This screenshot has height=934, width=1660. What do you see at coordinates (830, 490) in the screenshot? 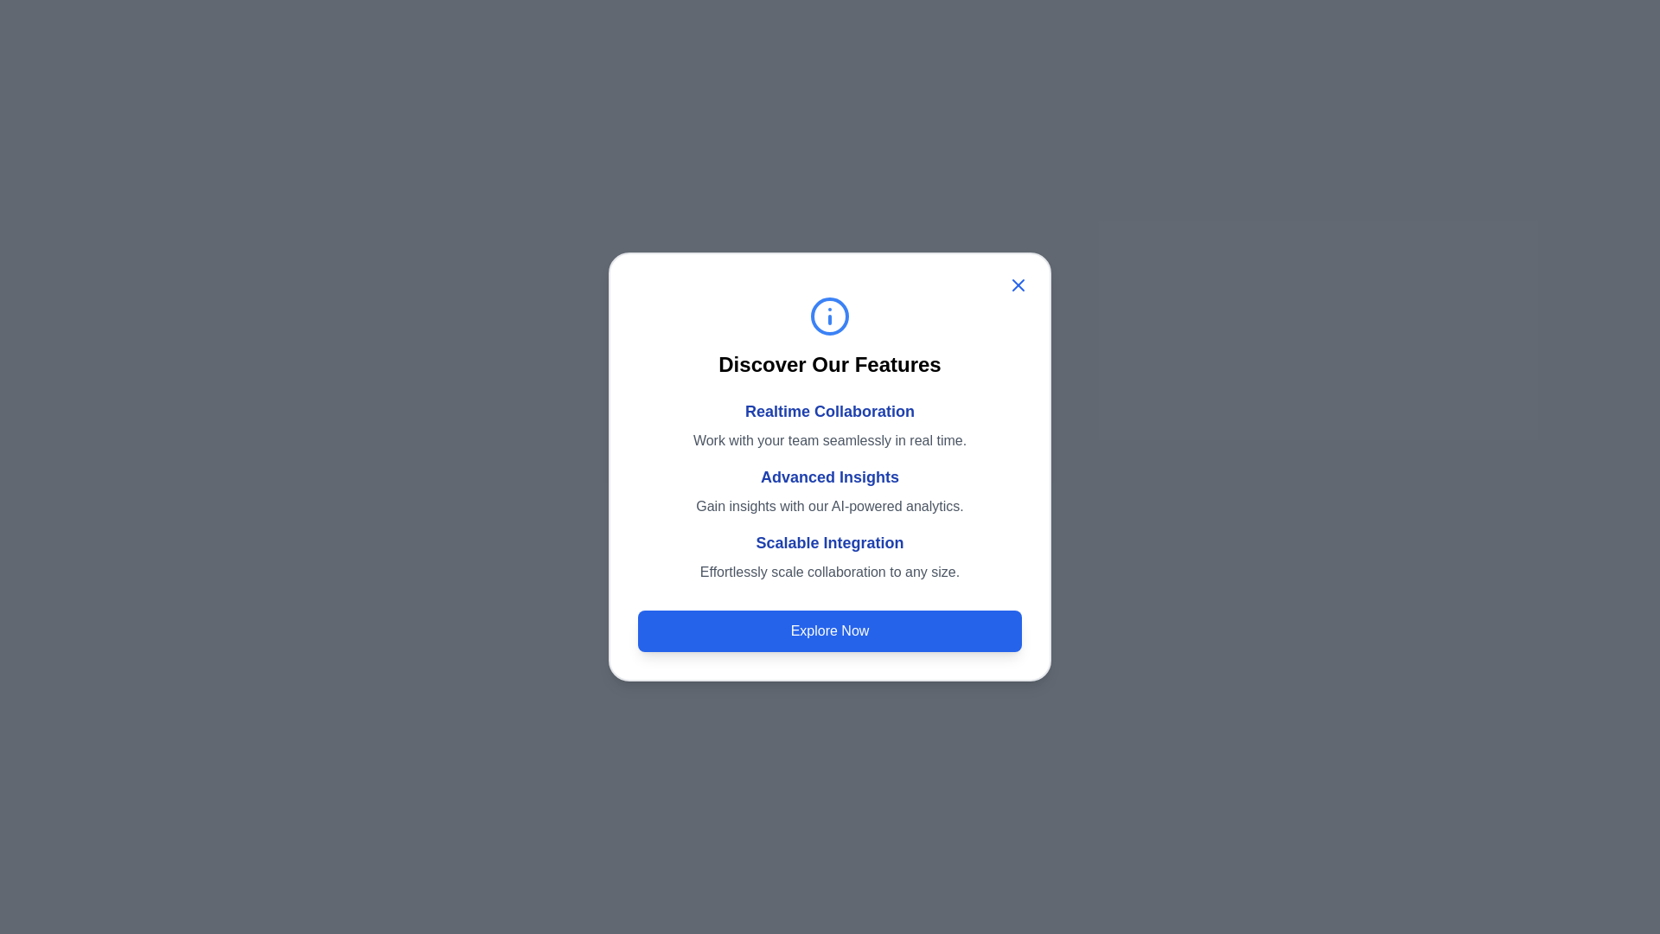
I see `the Informational section located in the central panel of the pop-up, below the heading 'Discover Our Features', which includes details on real-time collaboration, advanced insights, and scalable integration` at bounding box center [830, 490].